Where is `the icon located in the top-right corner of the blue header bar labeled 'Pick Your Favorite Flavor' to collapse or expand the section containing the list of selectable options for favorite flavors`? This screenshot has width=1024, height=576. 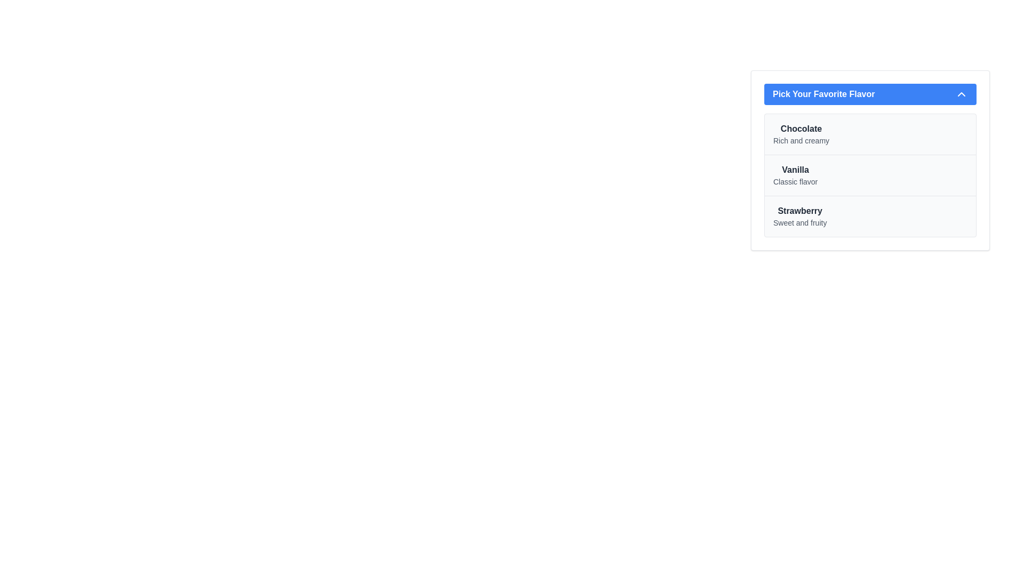
the icon located in the top-right corner of the blue header bar labeled 'Pick Your Favorite Flavor' to collapse or expand the section containing the list of selectable options for favorite flavors is located at coordinates (962, 94).